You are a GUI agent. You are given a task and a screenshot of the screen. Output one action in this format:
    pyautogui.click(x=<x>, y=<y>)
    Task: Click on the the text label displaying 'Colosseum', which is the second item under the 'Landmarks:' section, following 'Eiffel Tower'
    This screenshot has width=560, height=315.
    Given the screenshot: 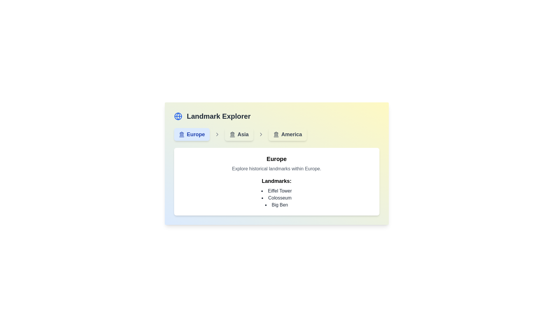 What is the action you would take?
    pyautogui.click(x=276, y=197)
    